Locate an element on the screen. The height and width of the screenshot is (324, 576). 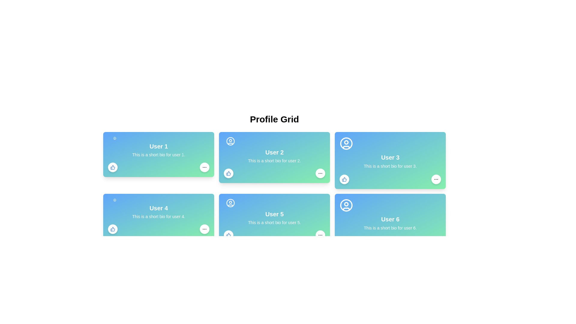
the circular button with three horizontally aligned small gray dots in the bottom-right corner of the 'User 5' profile card is located at coordinates (320, 235).